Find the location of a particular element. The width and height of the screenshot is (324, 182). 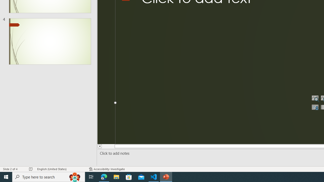

'Stock Images' is located at coordinates (315, 98).